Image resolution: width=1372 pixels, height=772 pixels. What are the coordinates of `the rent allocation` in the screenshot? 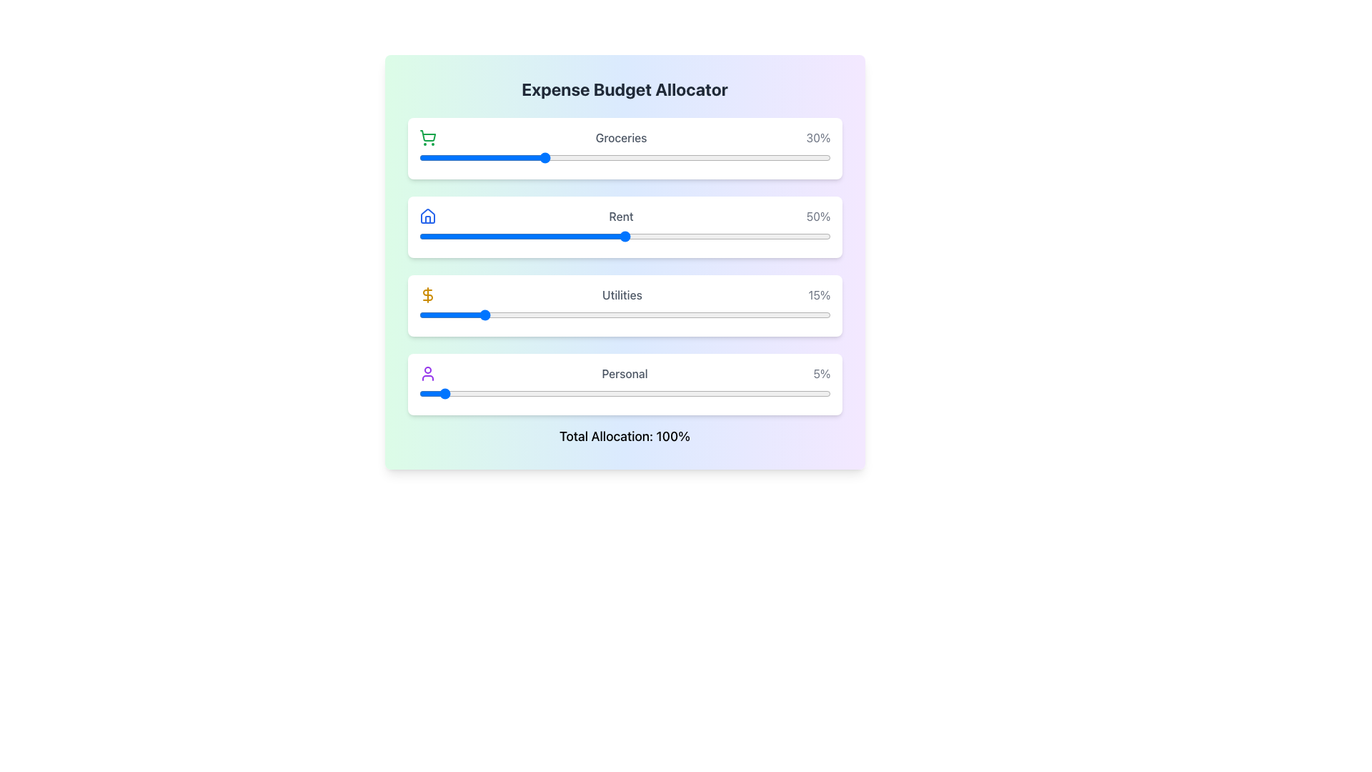 It's located at (434, 236).